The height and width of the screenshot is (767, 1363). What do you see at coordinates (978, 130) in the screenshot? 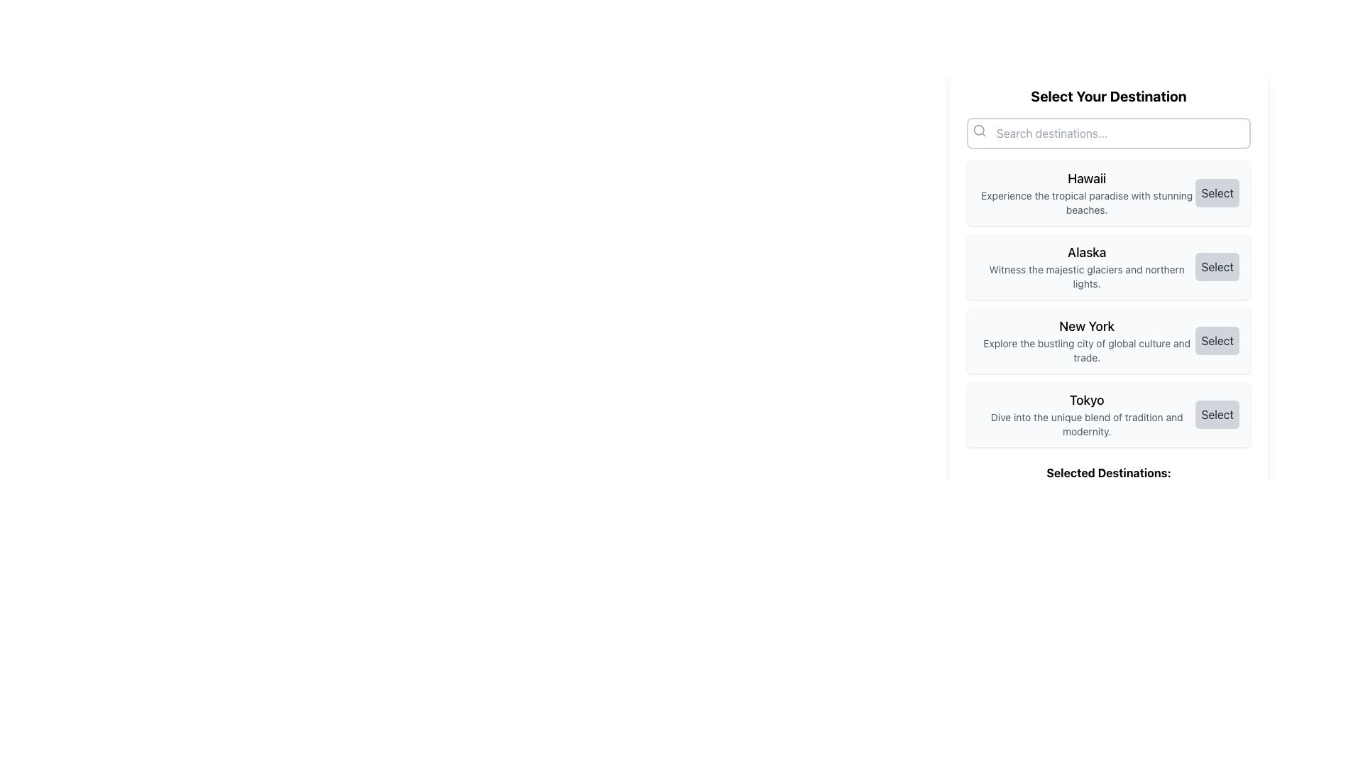
I see `the SVG circle element which is part of the search icon located at the top-left corner of the search bar` at bounding box center [978, 130].